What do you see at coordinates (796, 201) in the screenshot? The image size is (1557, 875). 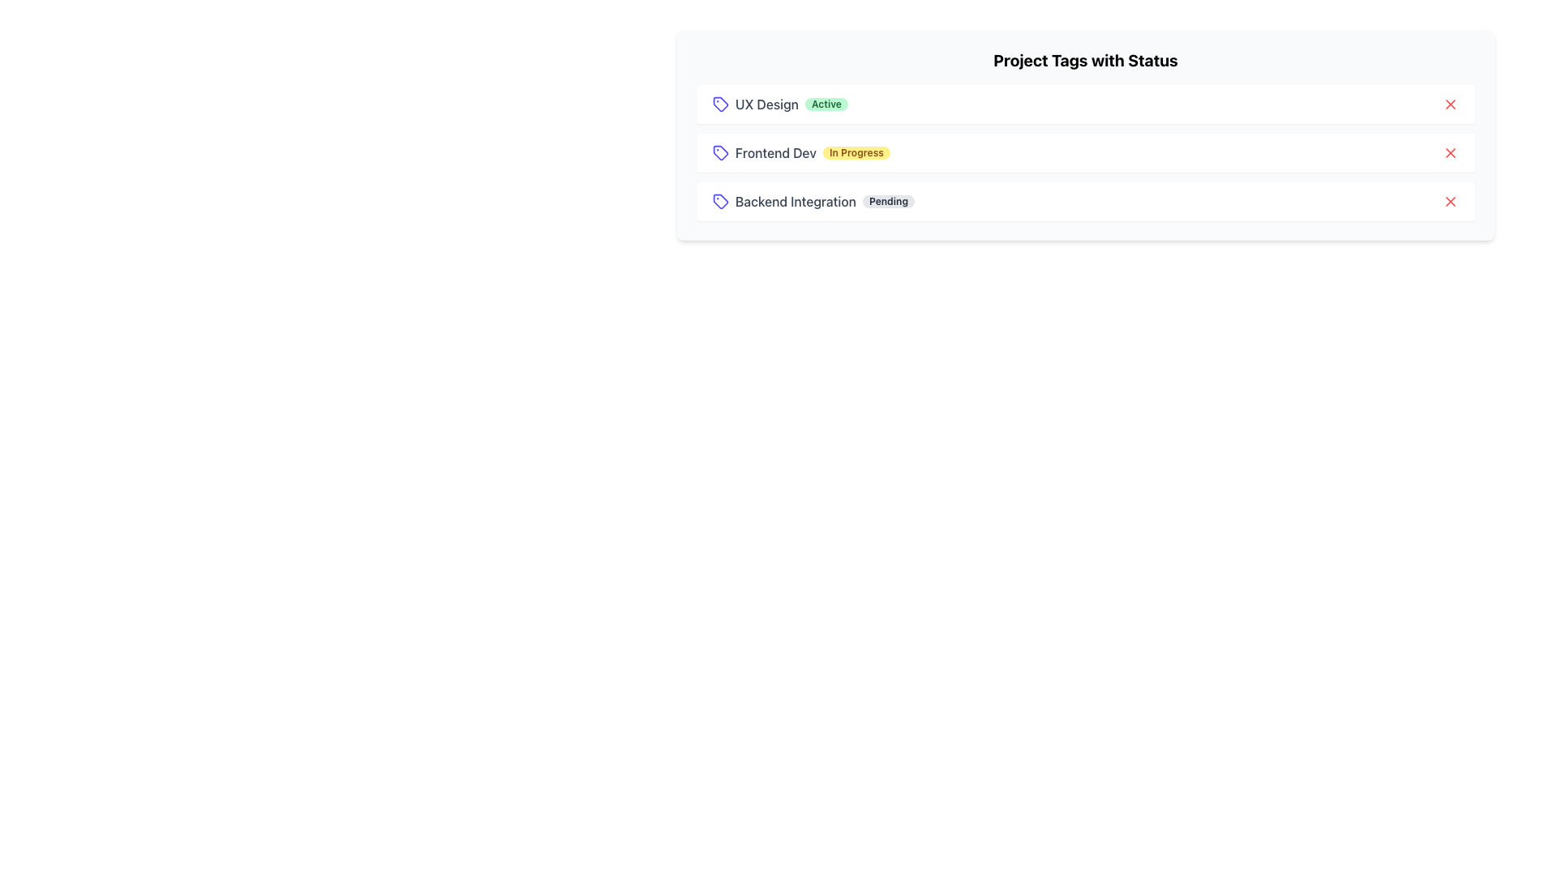 I see `the third text element in the vertically aligned list under 'Project Tags with Status', located between a tag icon and a 'Pending' badge` at bounding box center [796, 201].